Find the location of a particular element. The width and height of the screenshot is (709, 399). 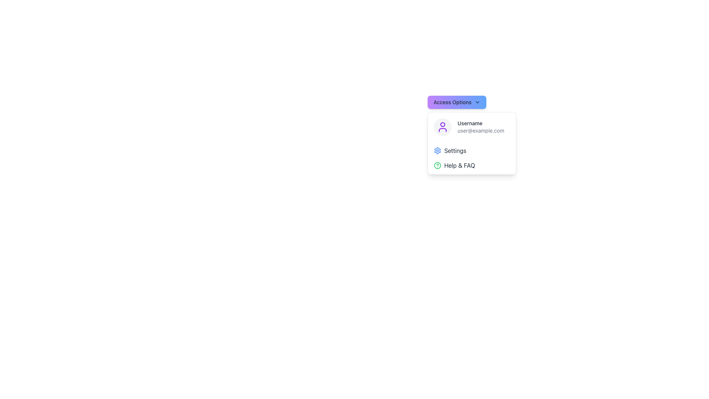

the 'Access Options' button with a gradient background and a downward-pointing arrow icon, which is located in the top-right region of the interface is located at coordinates (456, 102).